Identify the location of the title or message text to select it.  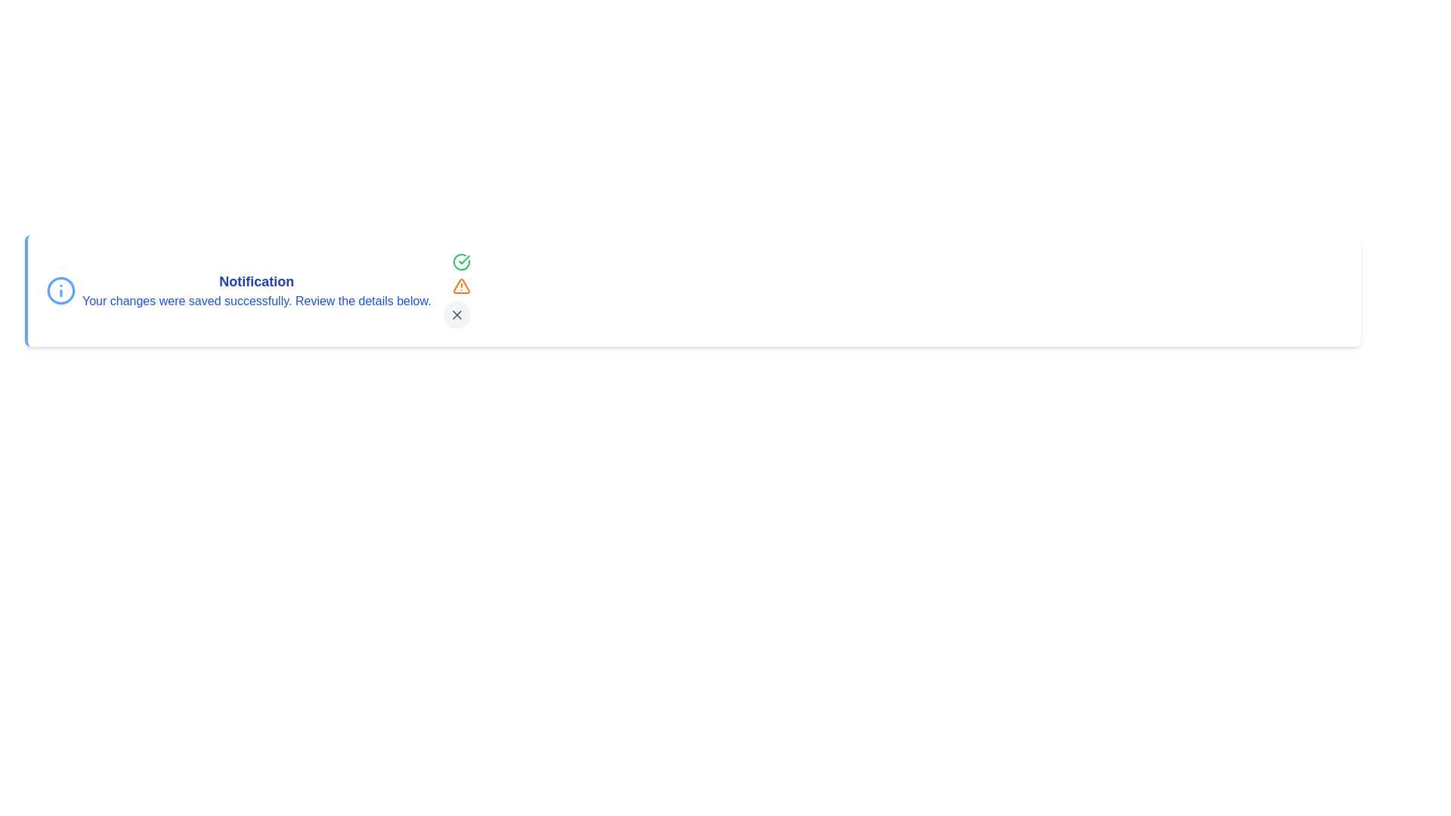
(256, 282).